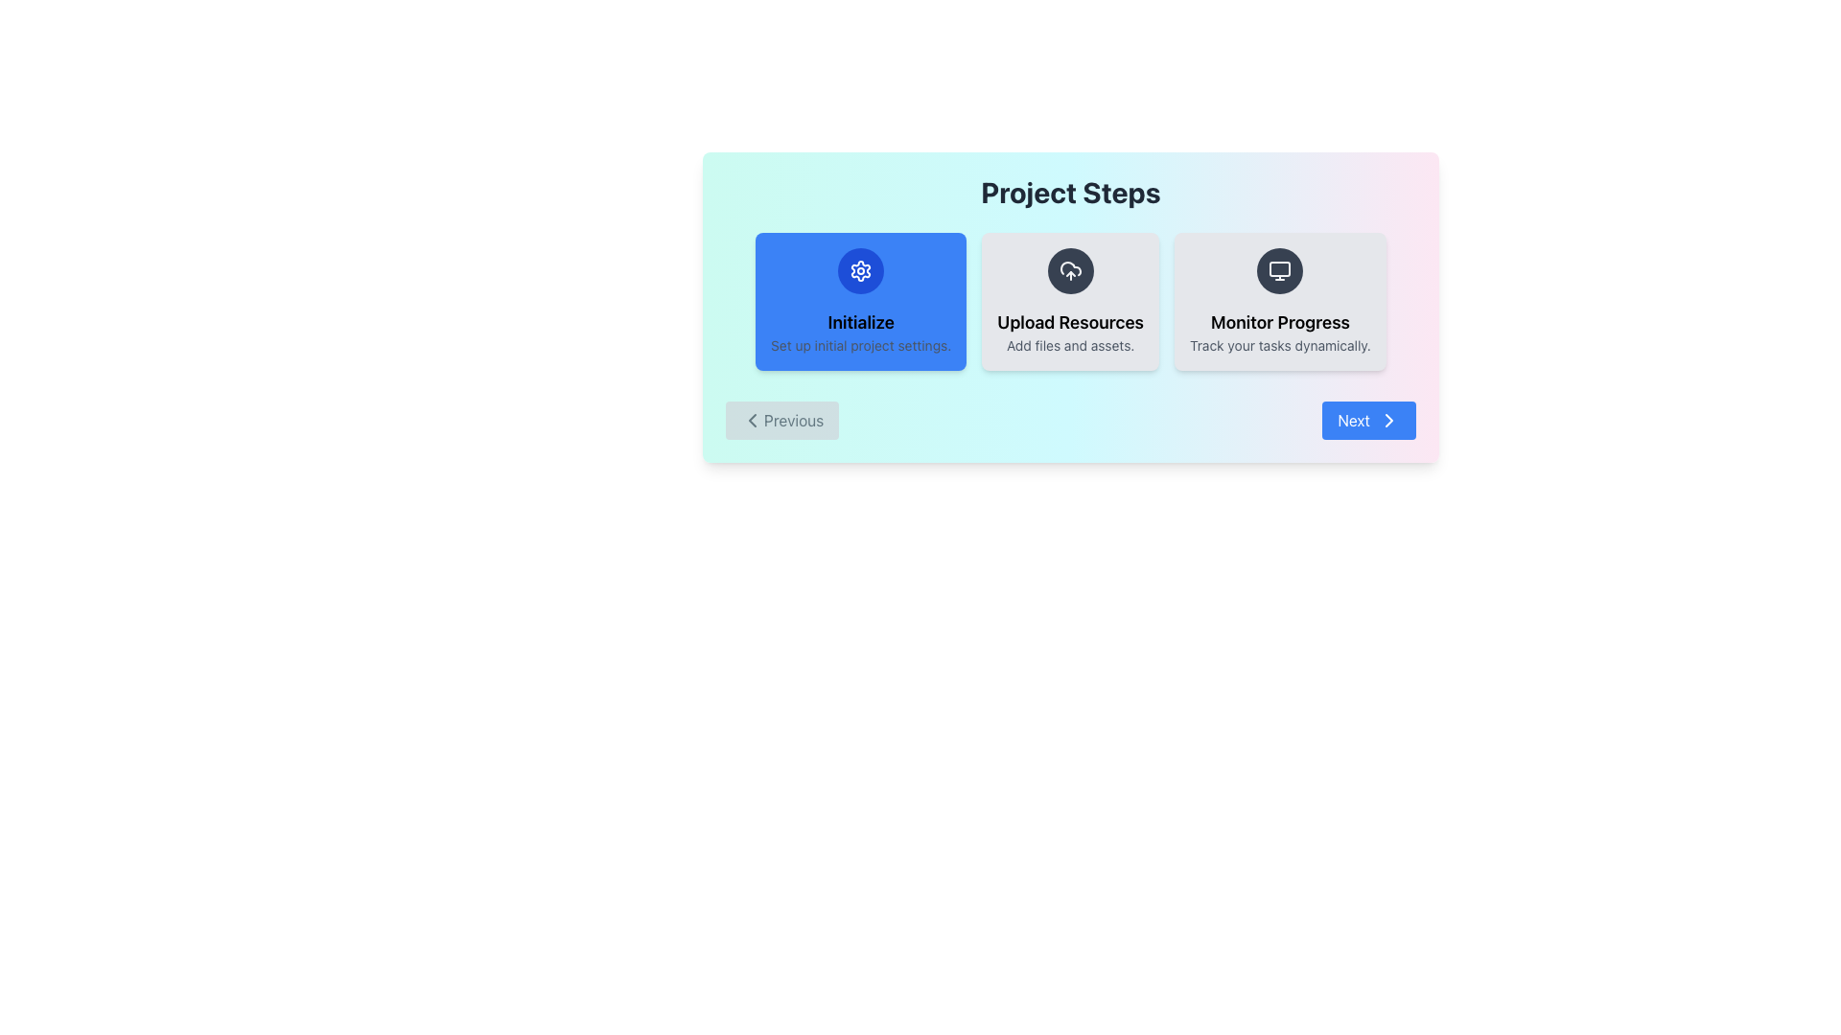 This screenshot has height=1035, width=1841. Describe the element at coordinates (1280, 321) in the screenshot. I see `the 'Monitor Progress' text label, which is displayed in a larger and bold font inside a light gray card with rounded corners, part of a sequence of step cards in a multi-step process display` at that location.